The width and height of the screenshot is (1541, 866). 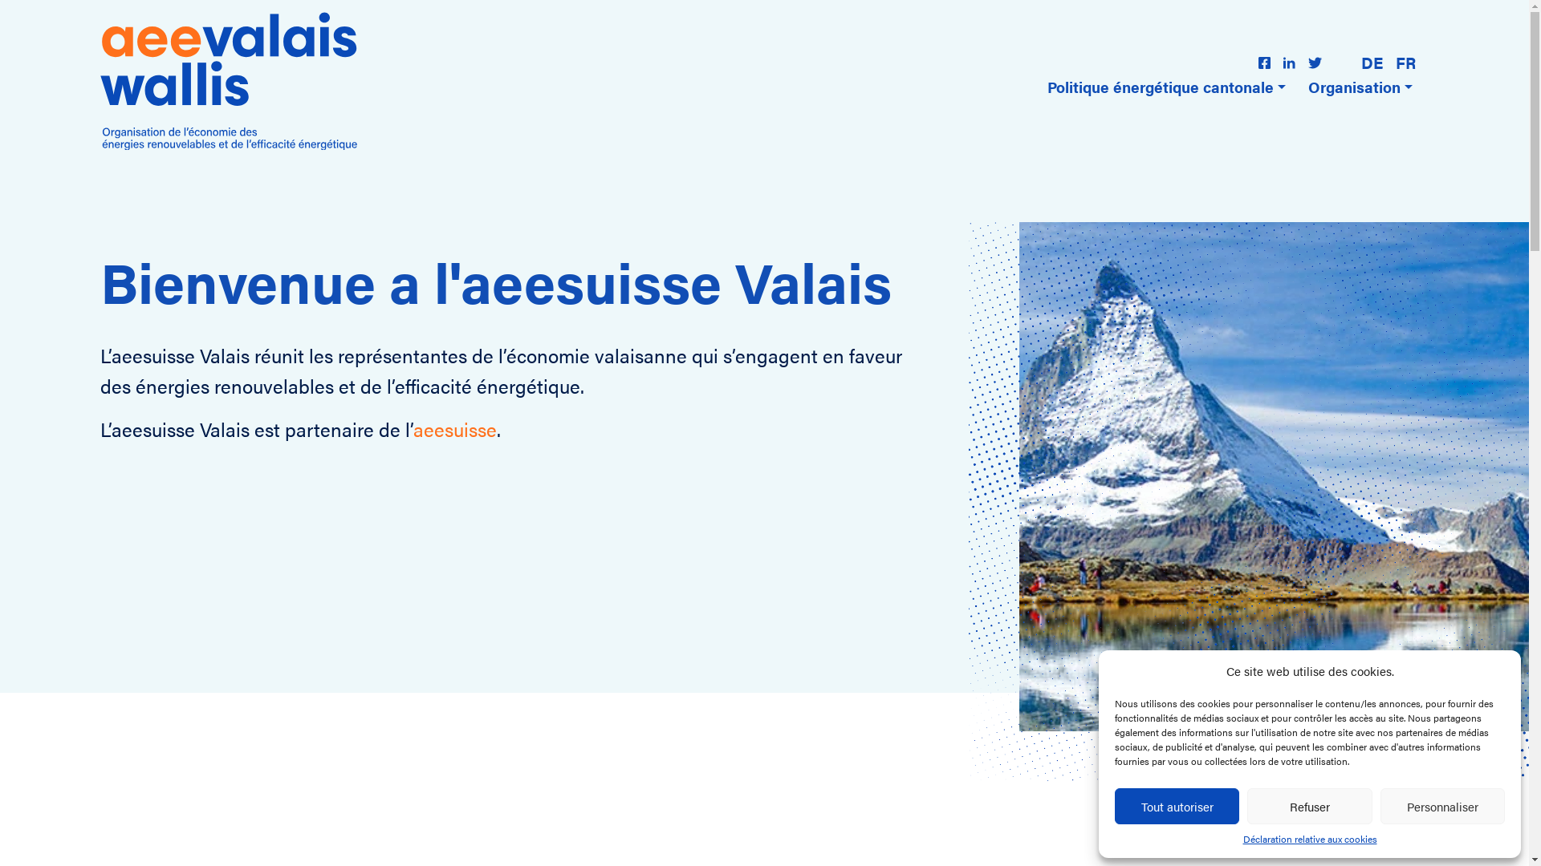 What do you see at coordinates (1177, 806) in the screenshot?
I see `'Tout autoriser'` at bounding box center [1177, 806].